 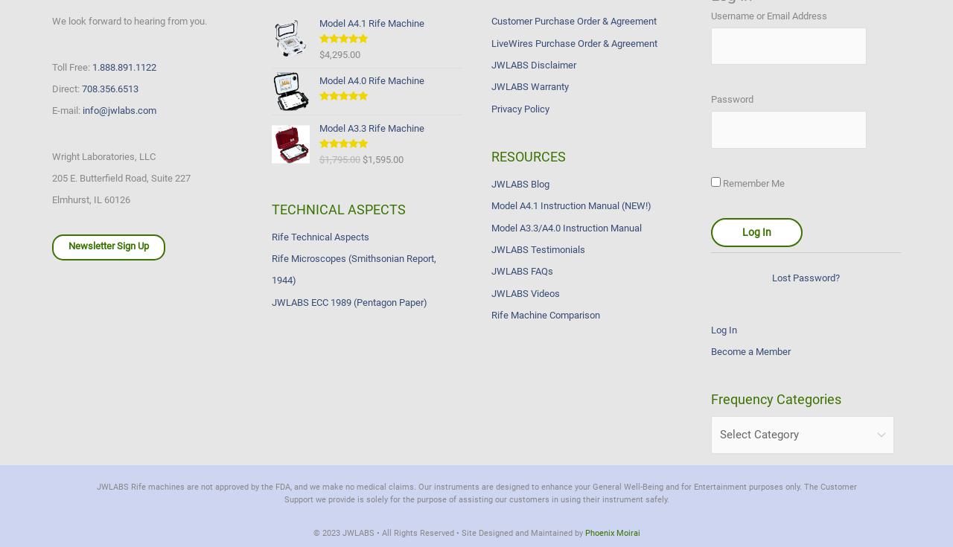 What do you see at coordinates (124, 66) in the screenshot?
I see `'1.888.891.1122'` at bounding box center [124, 66].